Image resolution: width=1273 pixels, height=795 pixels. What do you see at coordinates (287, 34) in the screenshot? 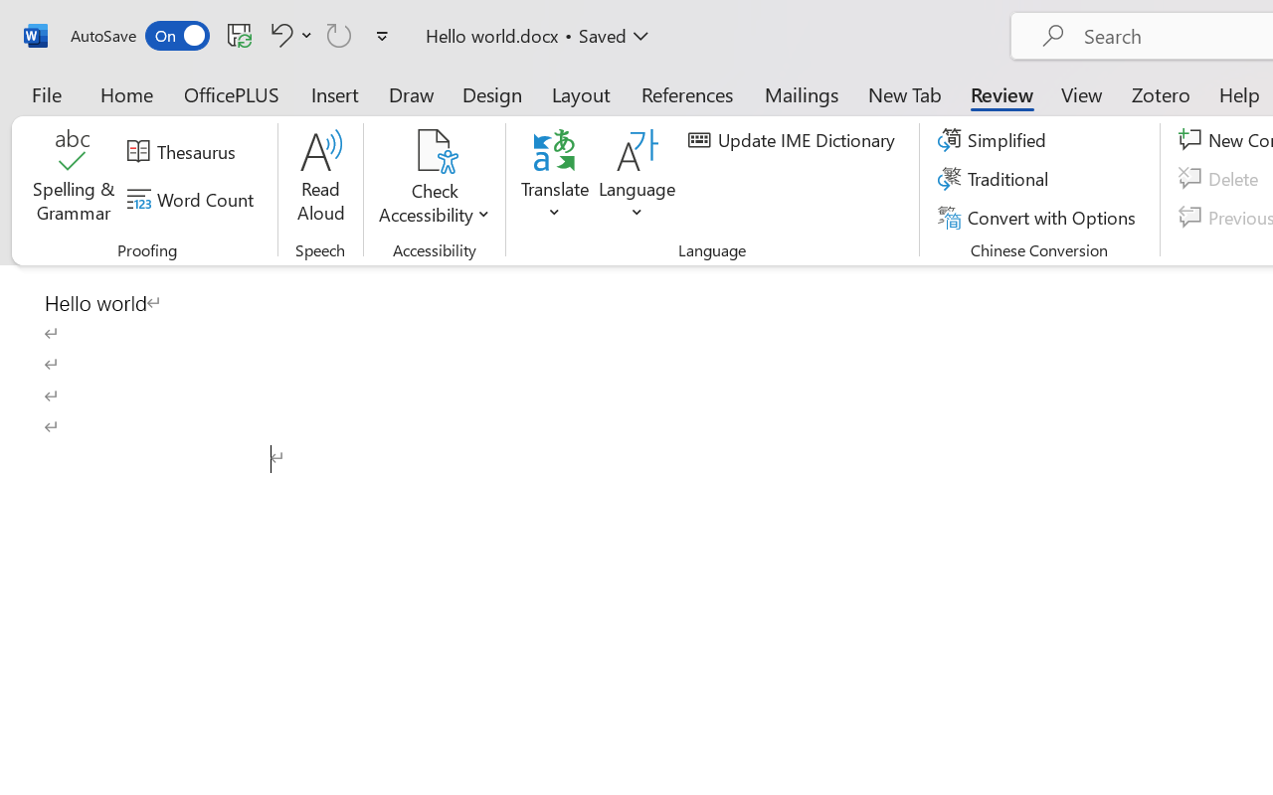
I see `'Undo Click and Type Formatting'` at bounding box center [287, 34].